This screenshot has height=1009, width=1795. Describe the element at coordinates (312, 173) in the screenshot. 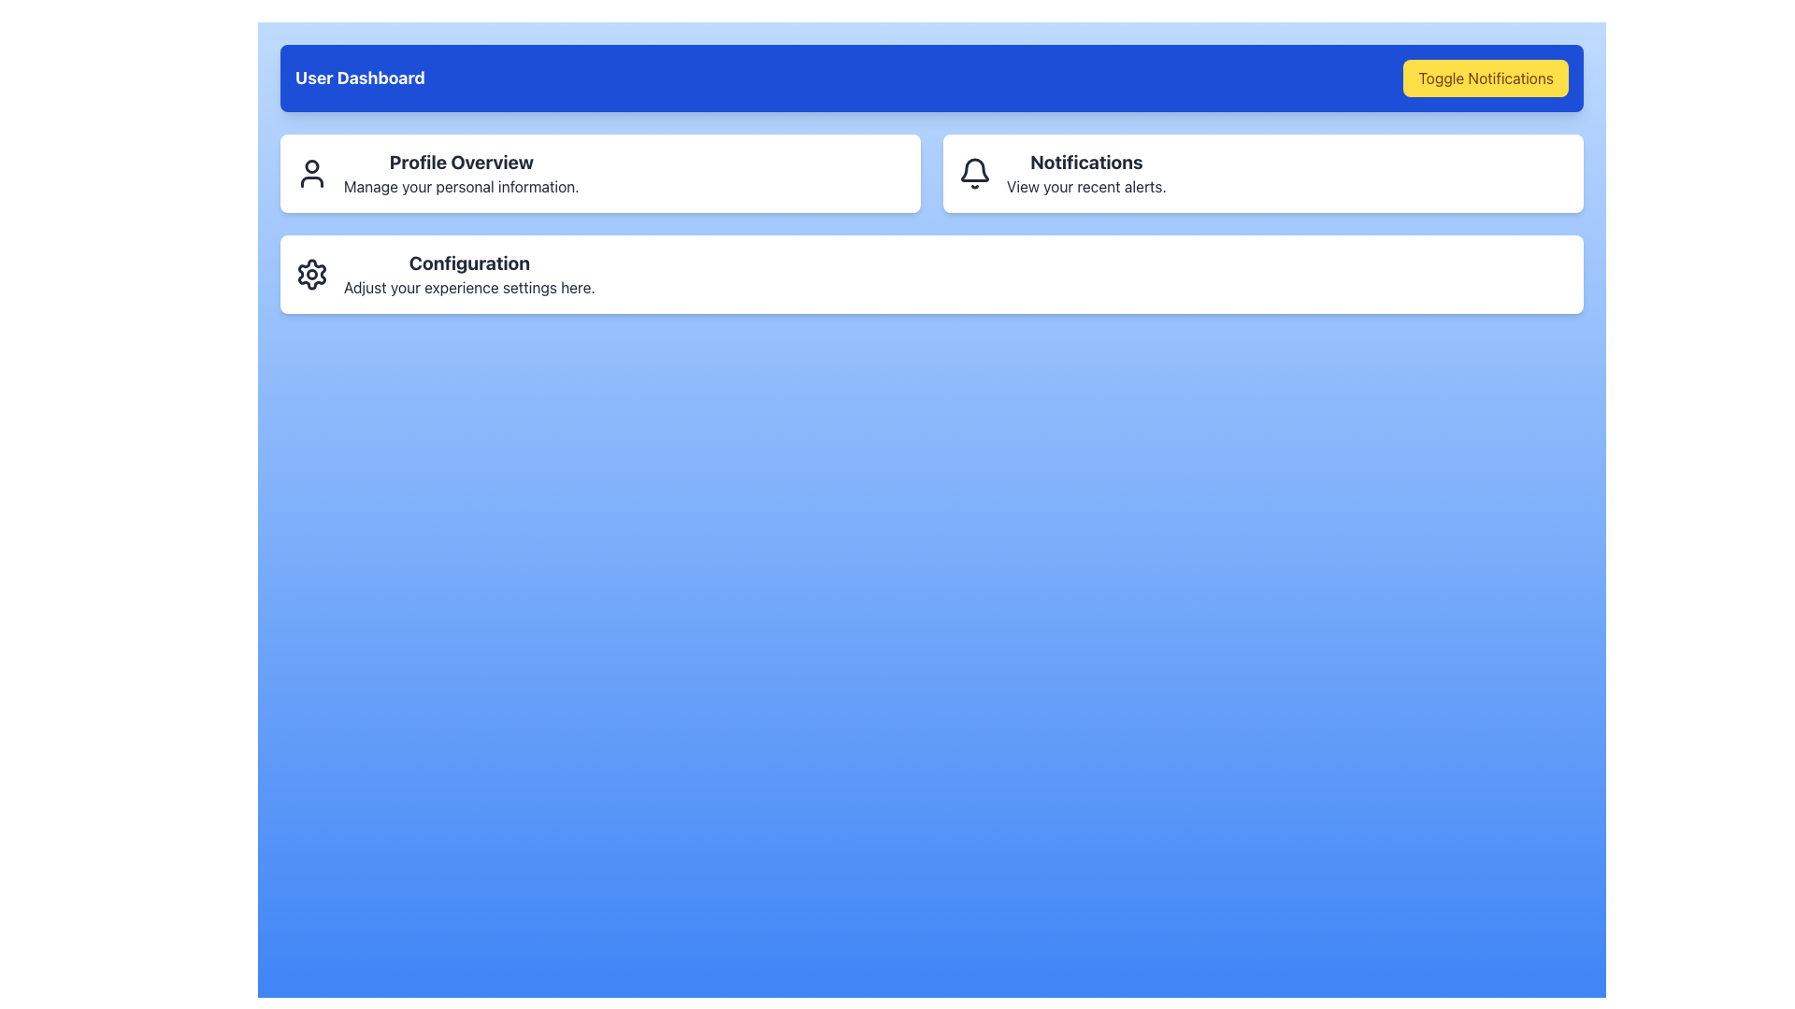

I see `the user icon styled as an outline of a person with a circular head and shoulders located in the top-left corner of the Profile Overview section` at that location.